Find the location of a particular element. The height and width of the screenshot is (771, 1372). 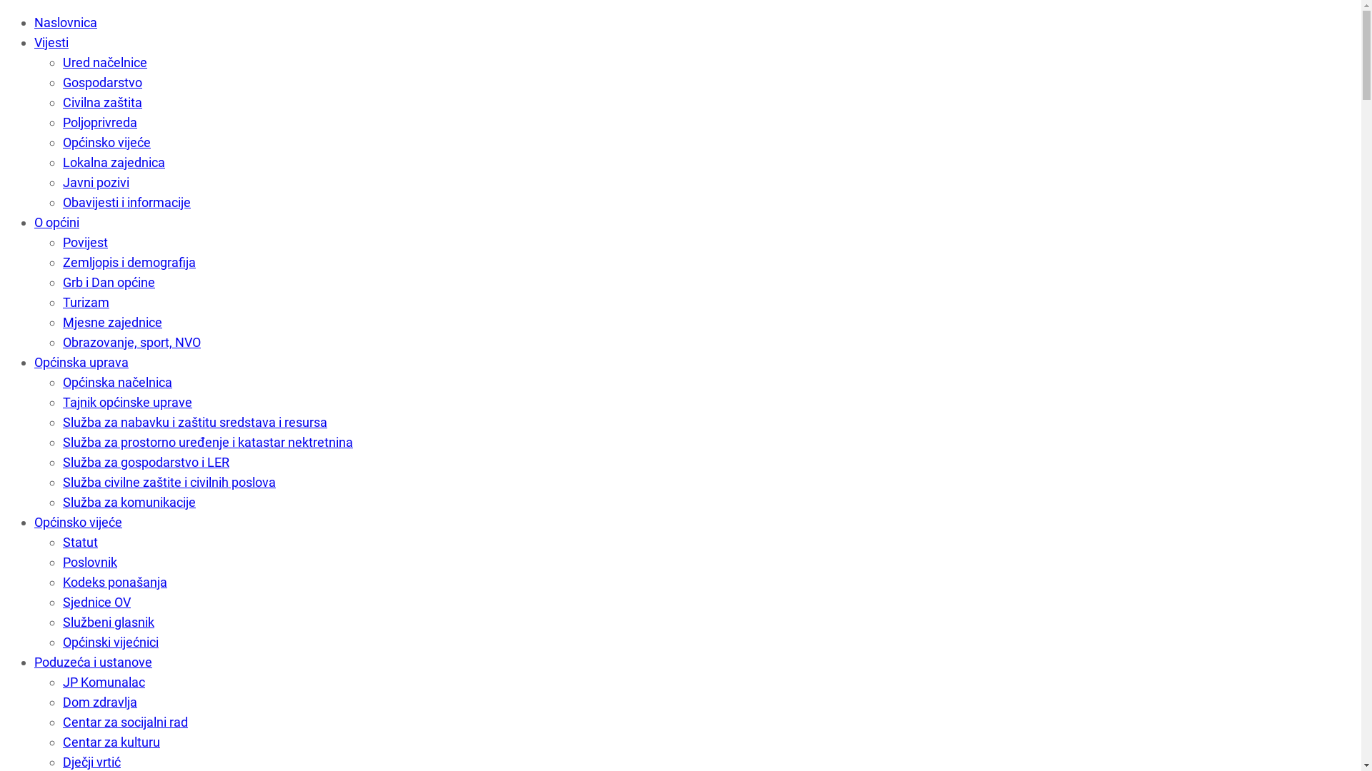

'Obrazovanje, sport, NVO' is located at coordinates (131, 342).